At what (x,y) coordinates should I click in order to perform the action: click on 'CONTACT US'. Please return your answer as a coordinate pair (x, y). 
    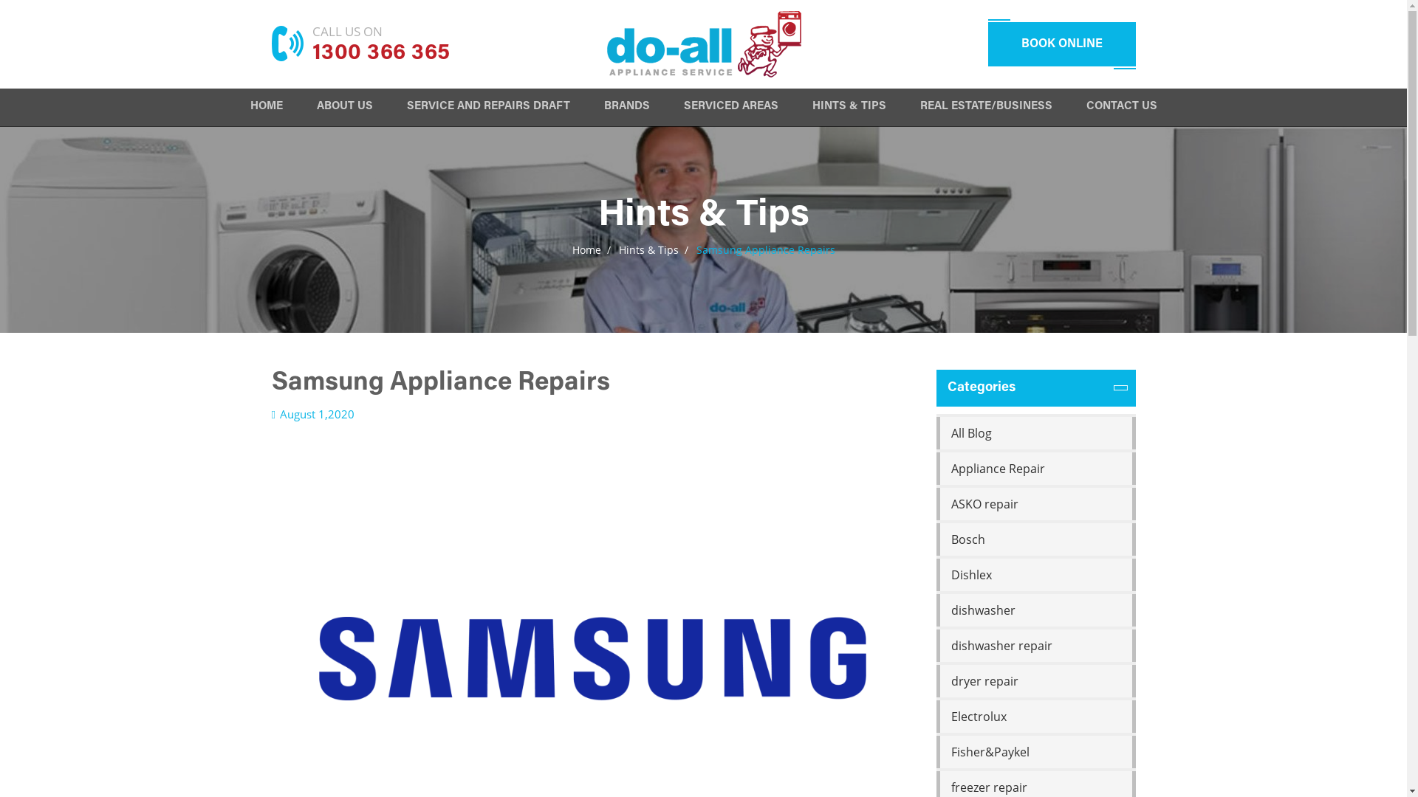
    Looking at the image, I should click on (1120, 108).